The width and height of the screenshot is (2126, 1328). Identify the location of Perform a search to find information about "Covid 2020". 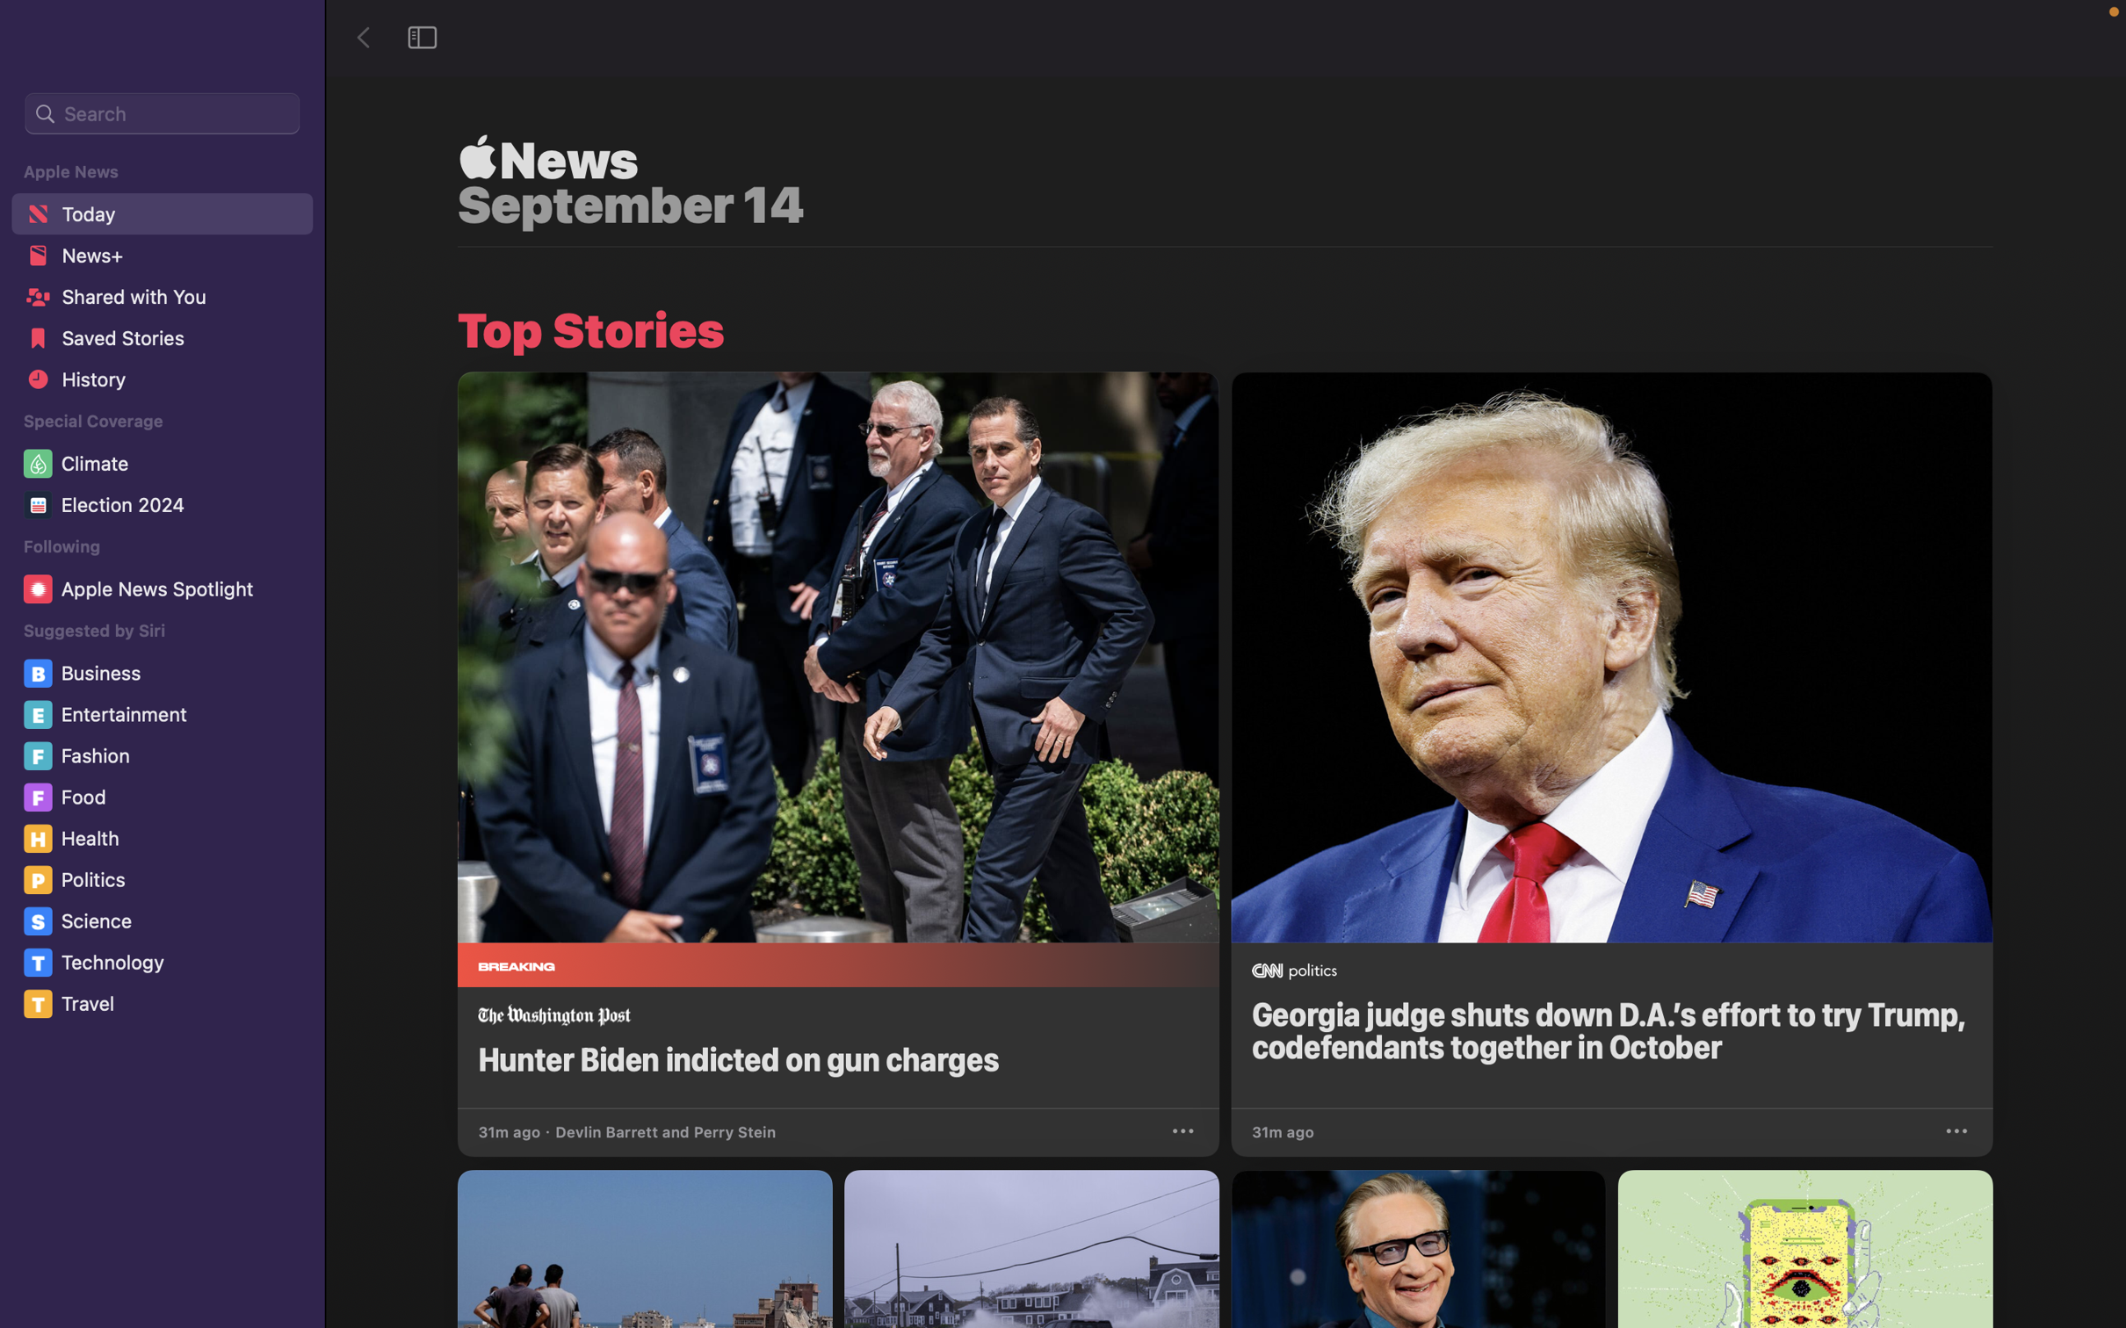
(163, 113).